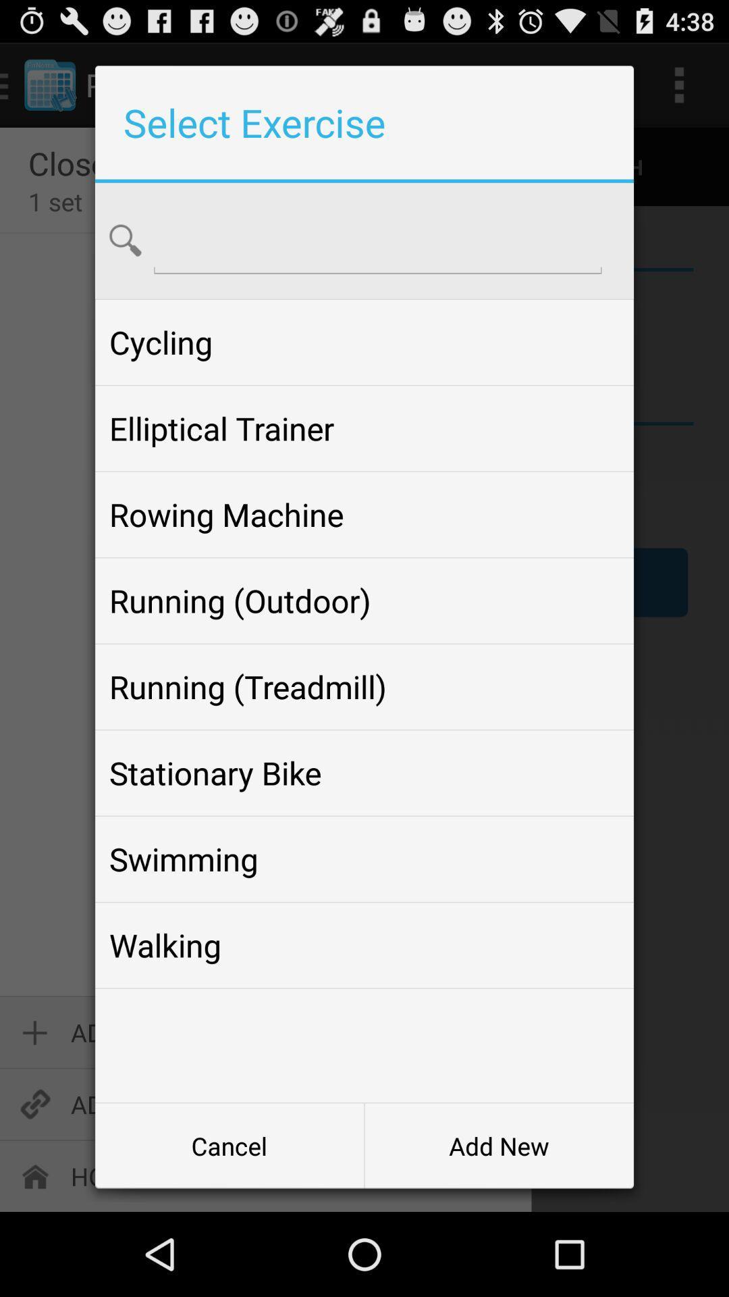 This screenshot has height=1297, width=729. What do you see at coordinates (364, 514) in the screenshot?
I see `the rowing machine icon` at bounding box center [364, 514].